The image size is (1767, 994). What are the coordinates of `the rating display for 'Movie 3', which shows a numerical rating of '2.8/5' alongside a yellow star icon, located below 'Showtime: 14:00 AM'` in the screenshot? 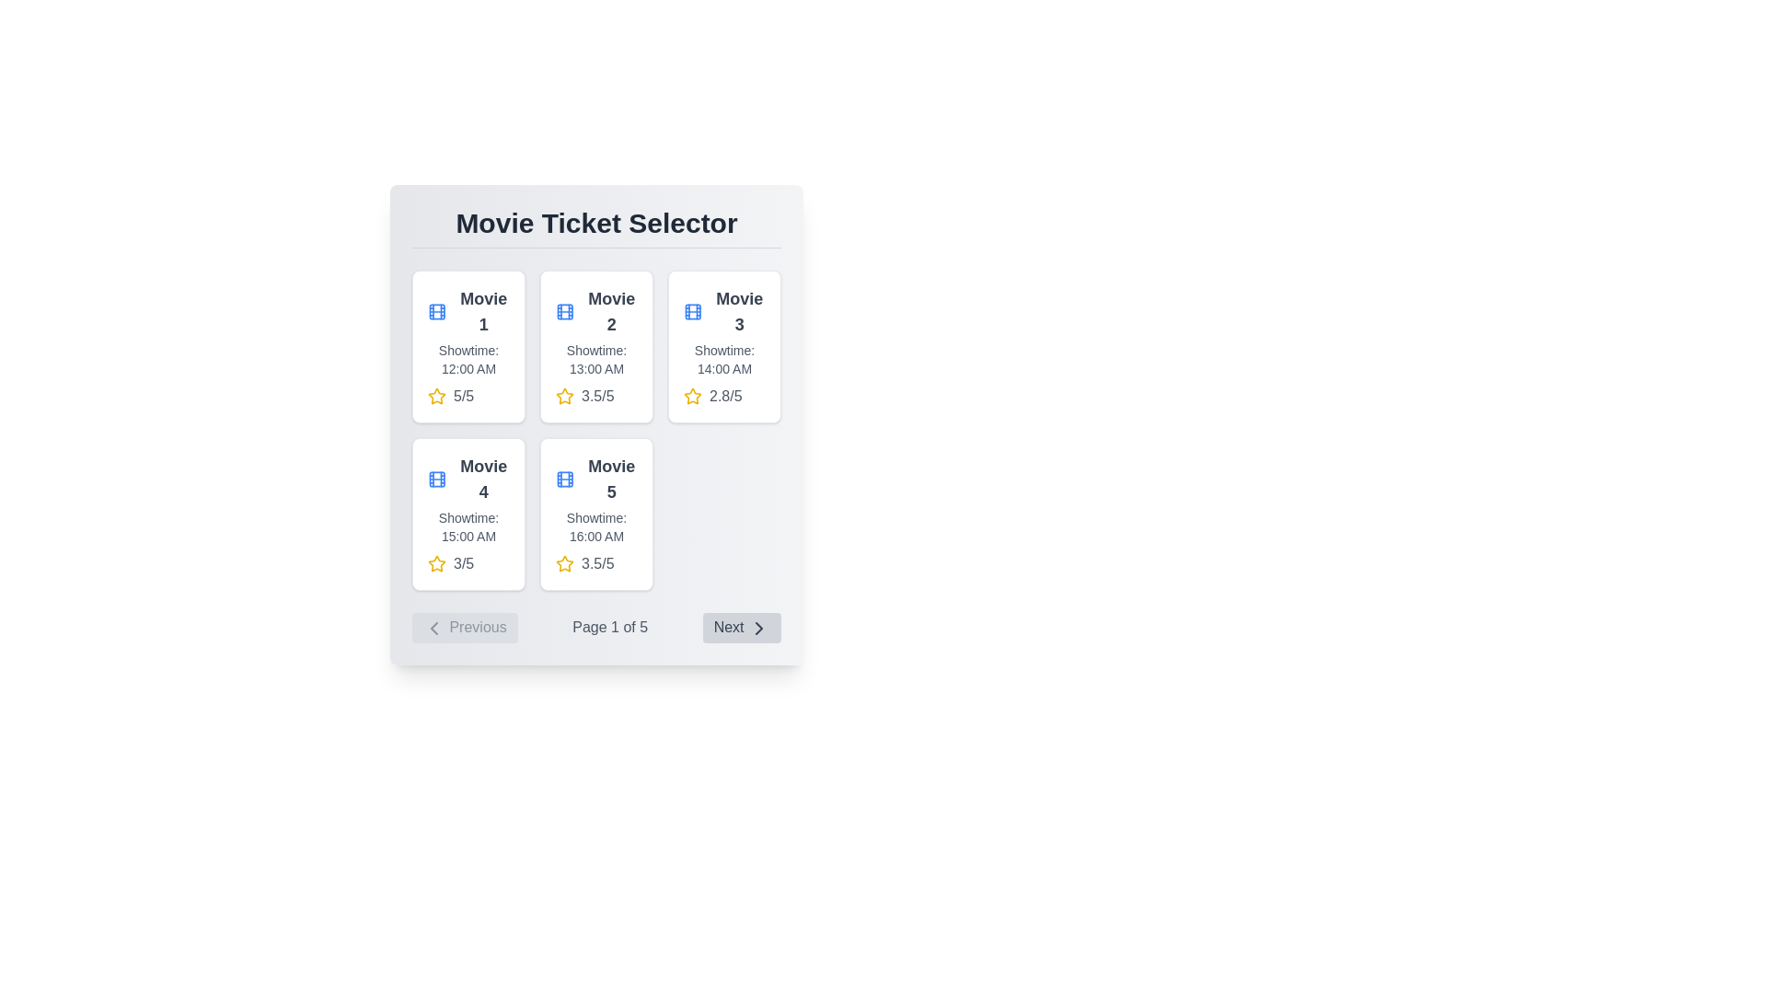 It's located at (723, 396).